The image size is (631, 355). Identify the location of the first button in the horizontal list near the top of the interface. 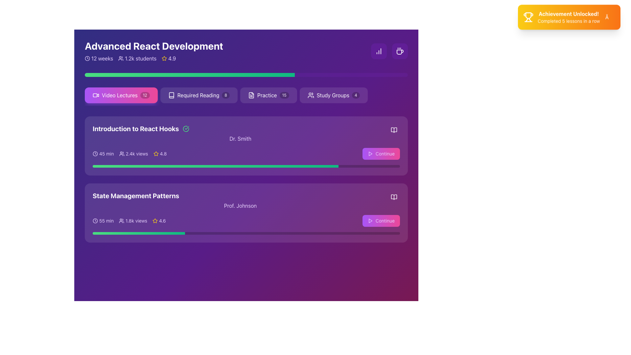
(121, 95).